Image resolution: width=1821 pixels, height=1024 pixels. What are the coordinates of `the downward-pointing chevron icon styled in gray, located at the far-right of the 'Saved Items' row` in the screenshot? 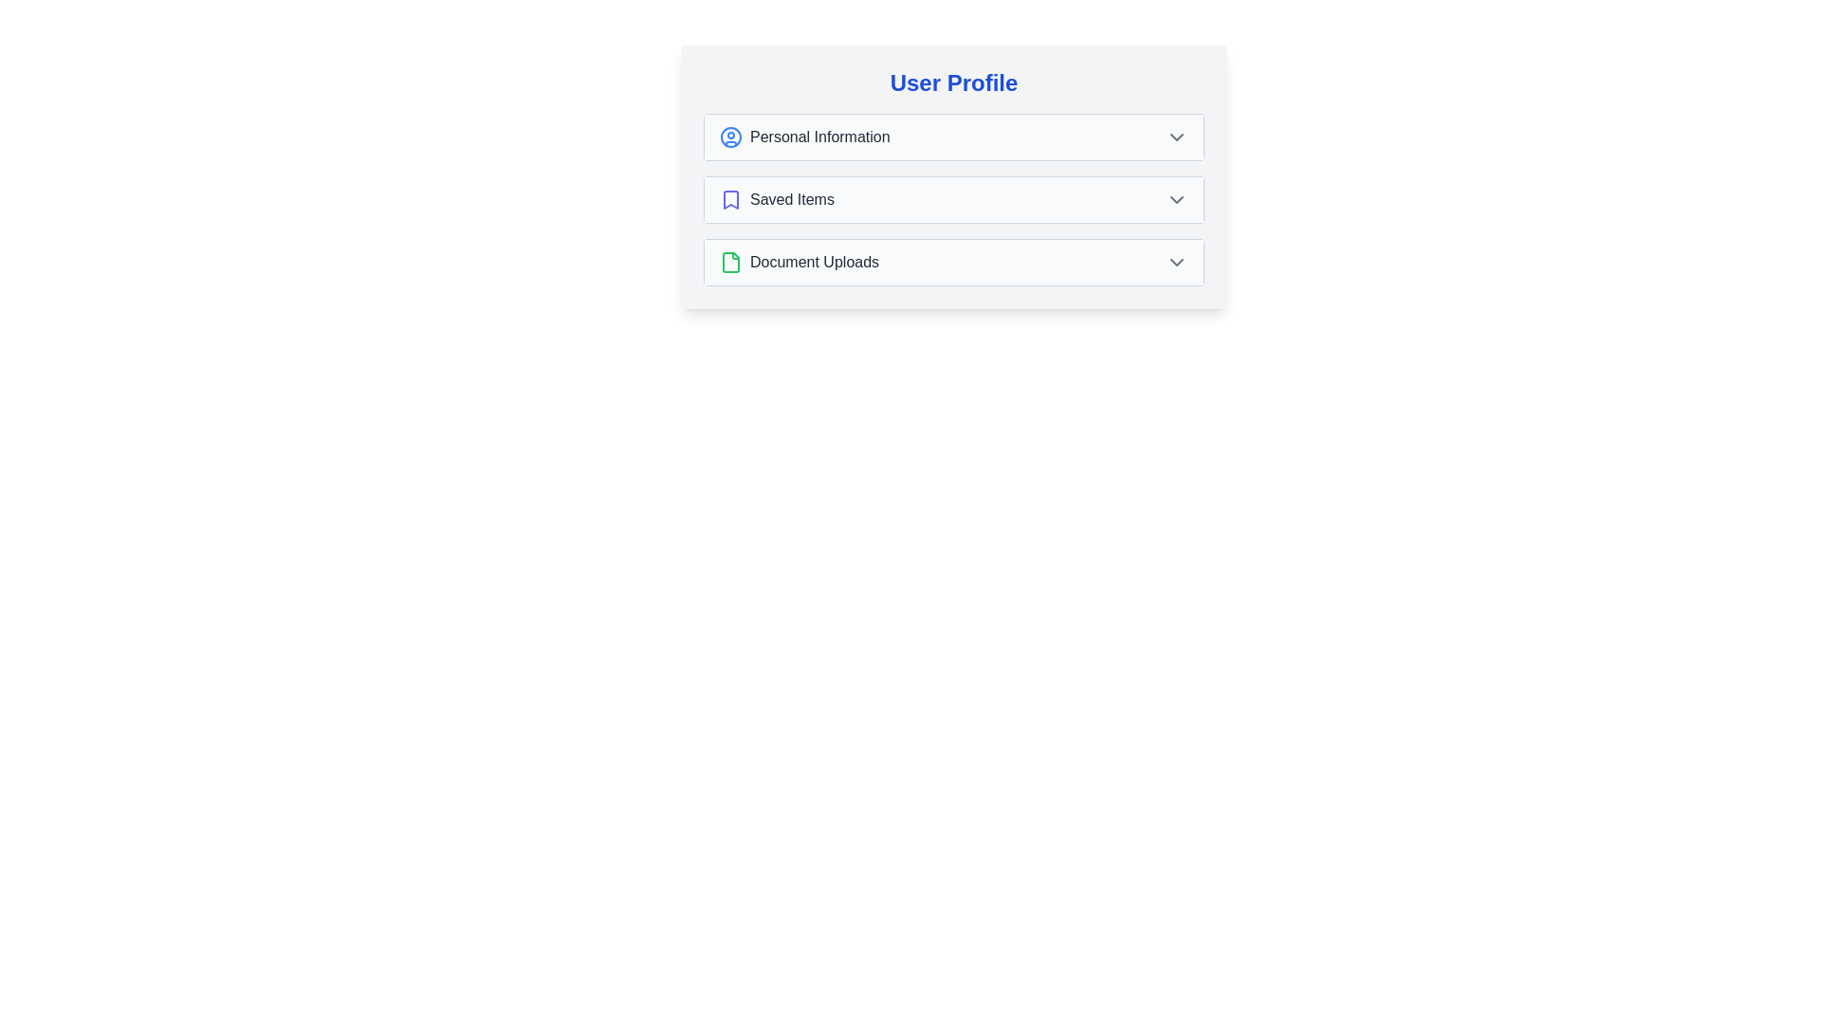 It's located at (1176, 200).